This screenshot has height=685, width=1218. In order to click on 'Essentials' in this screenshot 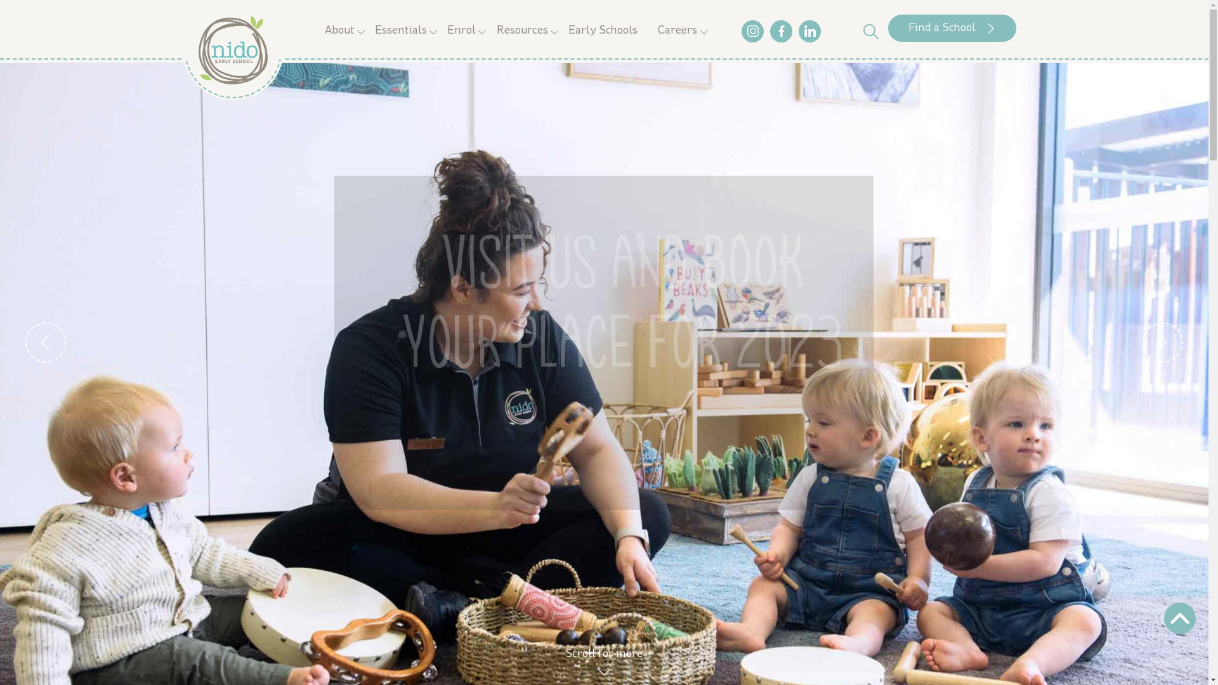, I will do `click(400, 30)`.